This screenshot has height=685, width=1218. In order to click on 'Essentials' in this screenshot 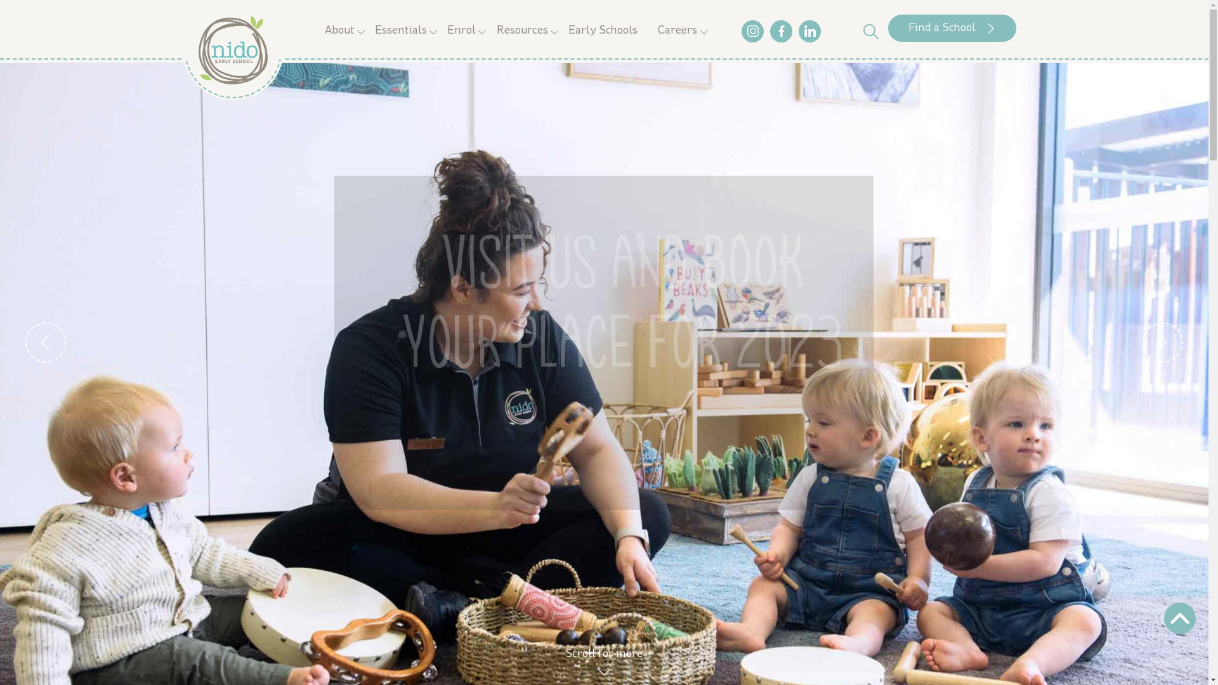, I will do `click(400, 30)`.